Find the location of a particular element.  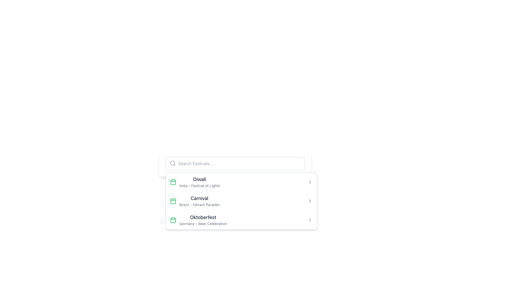

the calendar icon with a green outline, located in the second row between 'Diwali' and 'Oktoberfest', to interact with the associated event information is located at coordinates (173, 201).